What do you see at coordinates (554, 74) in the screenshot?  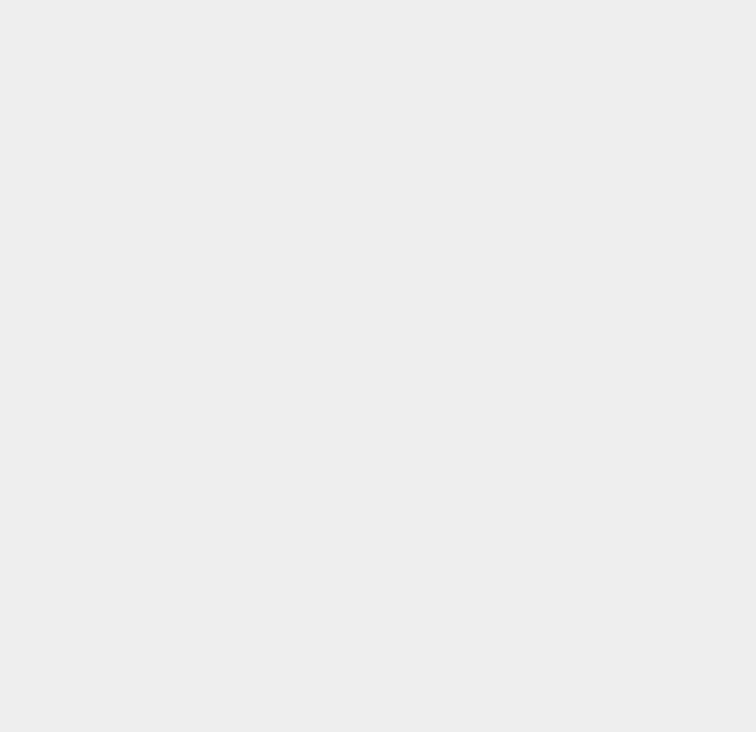 I see `'Jailbreak'` at bounding box center [554, 74].